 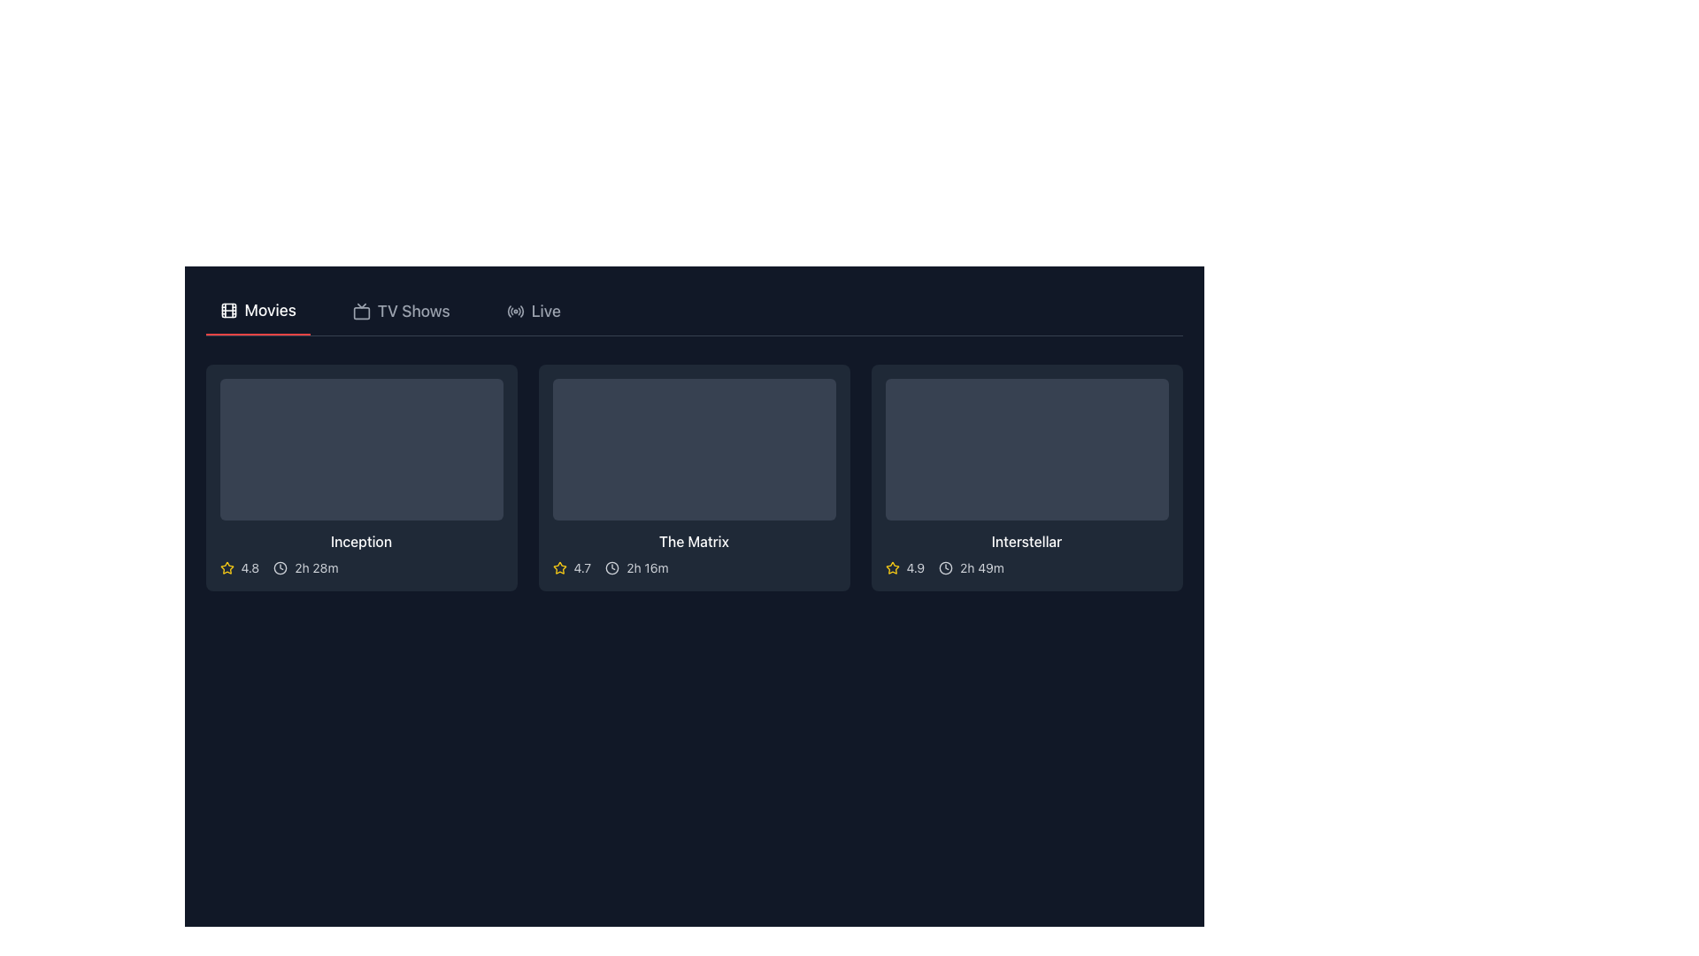 What do you see at coordinates (945, 567) in the screenshot?
I see `the clock icon located in the movie 'Interstellar' section, positioned between the rating (4.9) and the duration (2h 49m)` at bounding box center [945, 567].